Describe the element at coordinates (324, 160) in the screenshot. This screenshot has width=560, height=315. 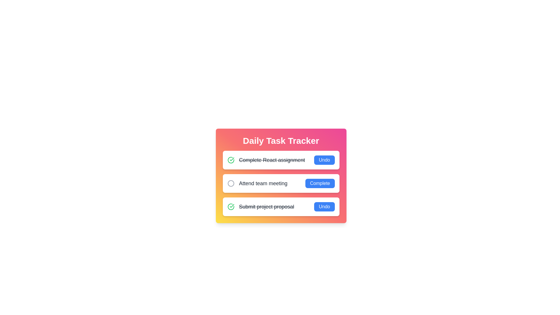
I see `the 'Undo' button for the task 'Complete React assignment'` at that location.